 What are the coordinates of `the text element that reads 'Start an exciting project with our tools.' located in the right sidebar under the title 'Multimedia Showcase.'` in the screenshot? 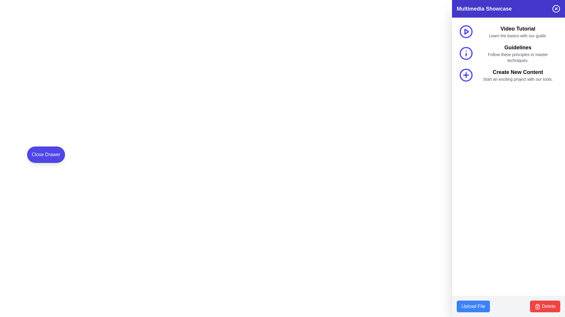 It's located at (518, 79).